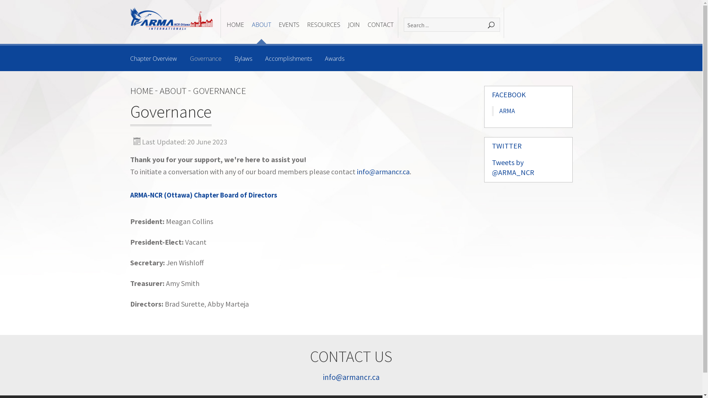 The width and height of the screenshot is (708, 398). Describe the element at coordinates (334, 58) in the screenshot. I see `'Awards'` at that location.